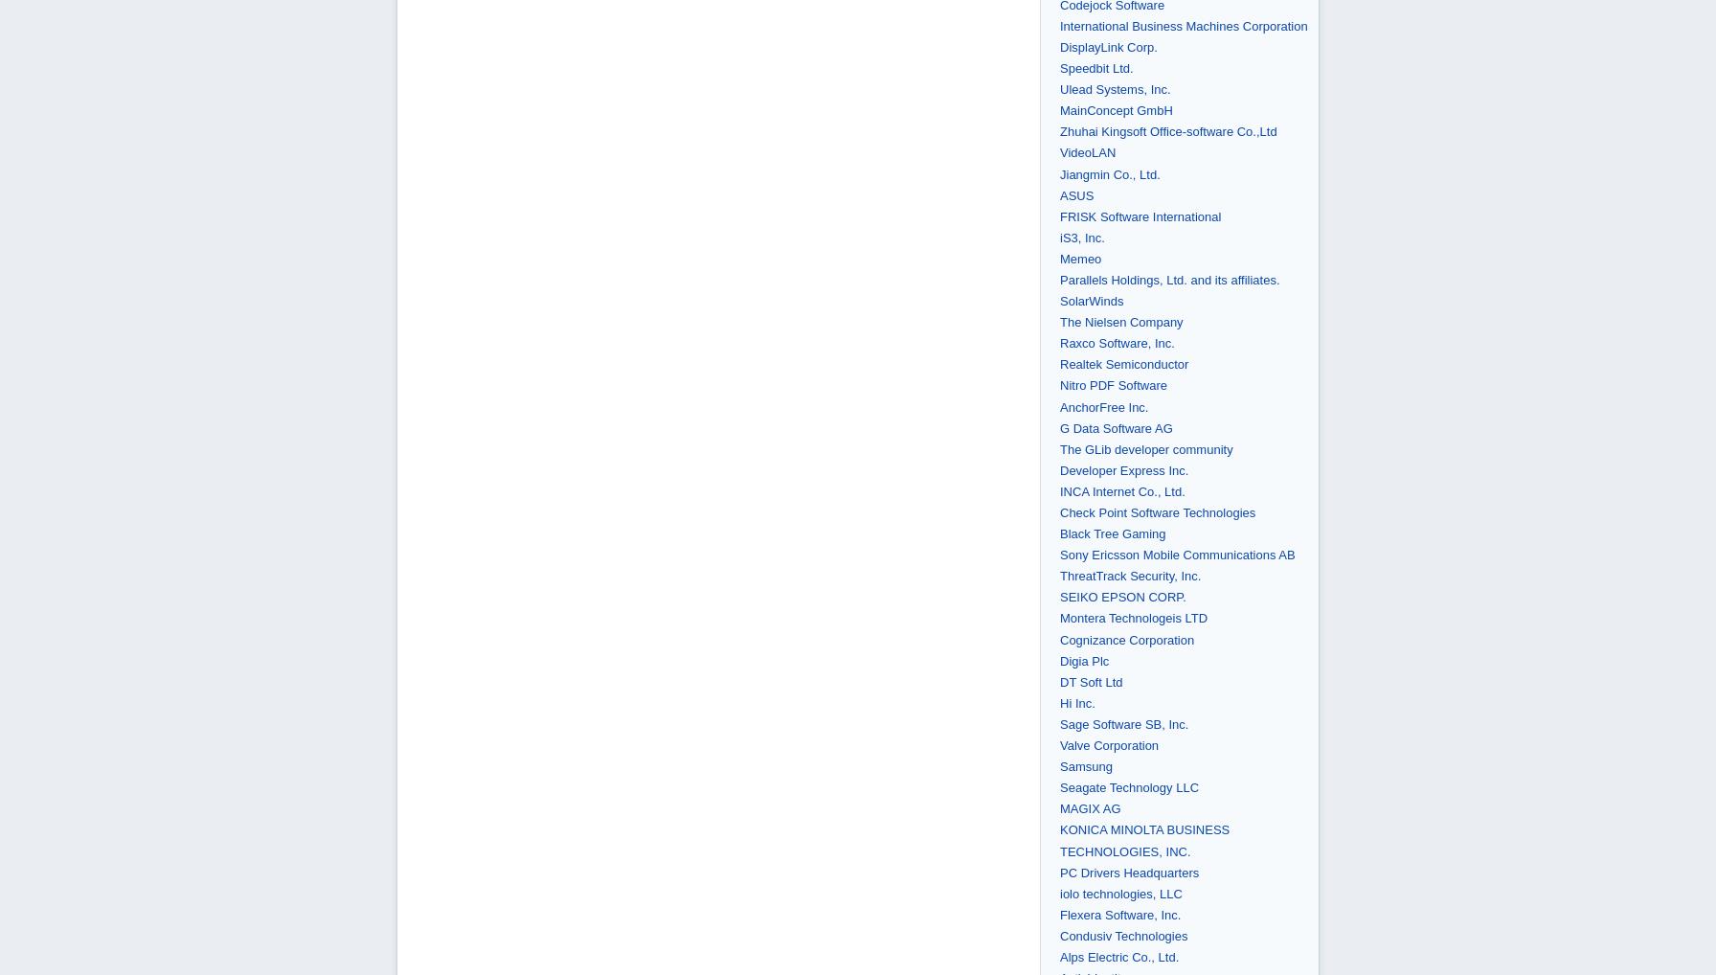 This screenshot has height=975, width=1716. Describe the element at coordinates (1059, 956) in the screenshot. I see `'Alps Electric Co., Ltd.'` at that location.